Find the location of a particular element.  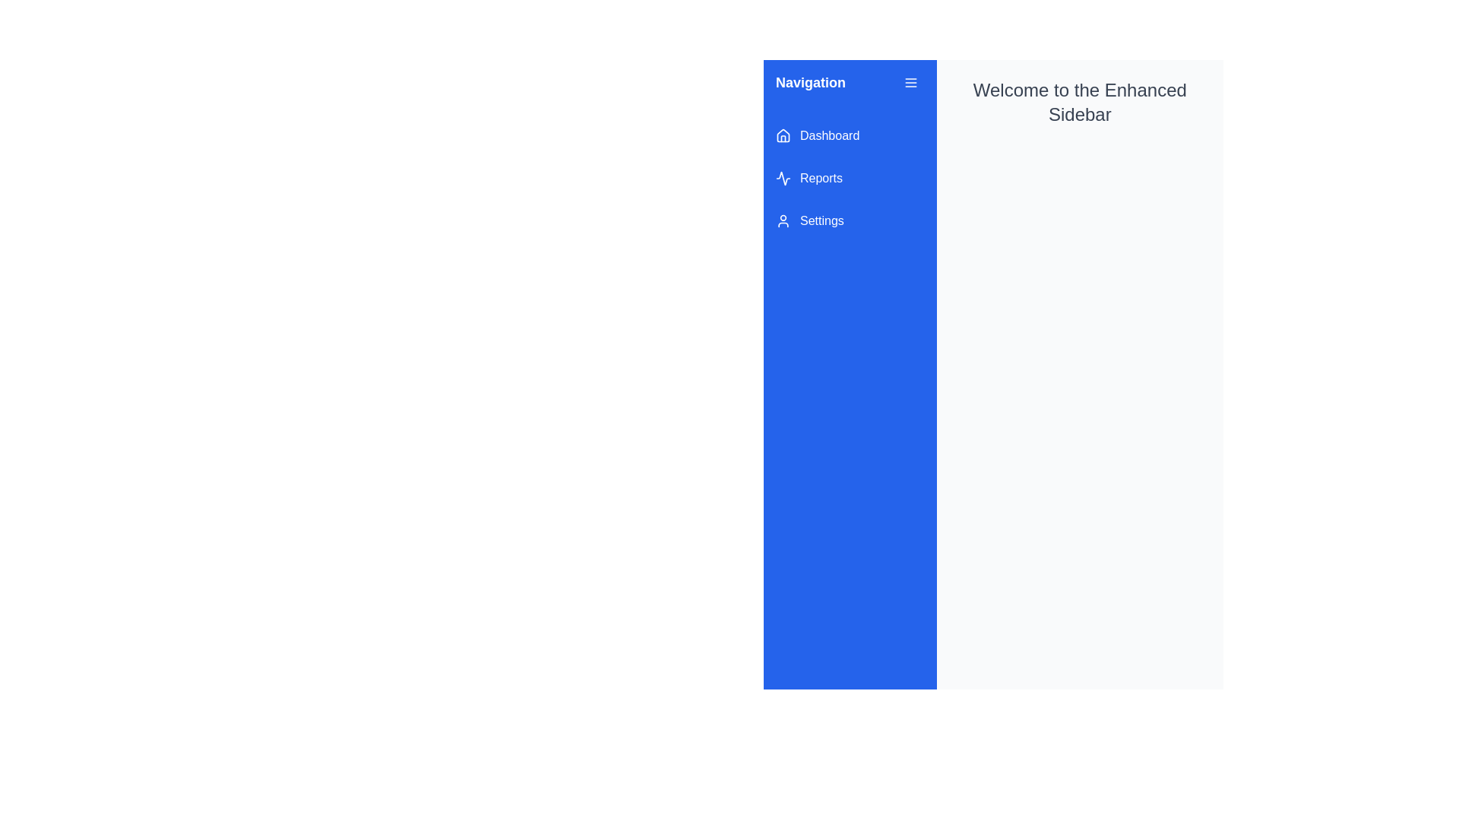

text label displaying 'Settings' in the vertical navigation menu, which has a blue background and is styled in white font is located at coordinates (821, 220).